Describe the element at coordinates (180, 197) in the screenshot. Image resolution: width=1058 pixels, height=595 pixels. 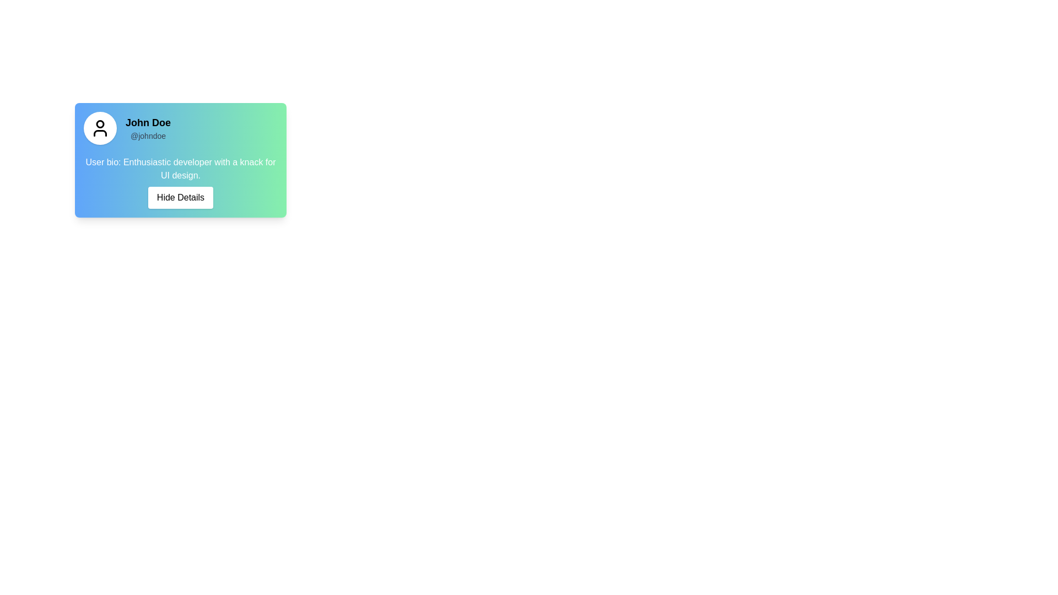
I see `the rectangular button with a white background and black text displaying 'Hide Details'` at that location.